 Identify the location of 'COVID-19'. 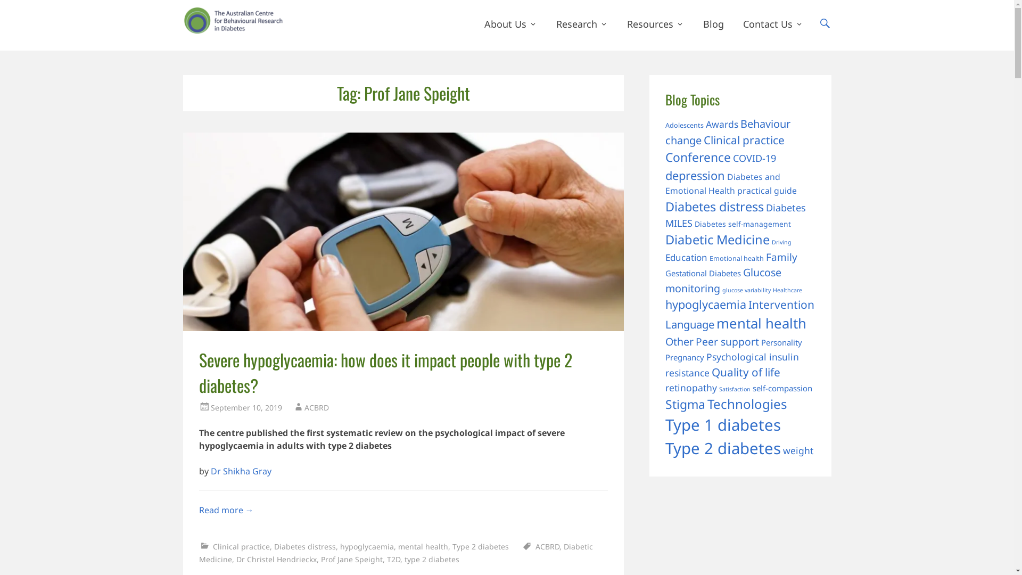
(732, 158).